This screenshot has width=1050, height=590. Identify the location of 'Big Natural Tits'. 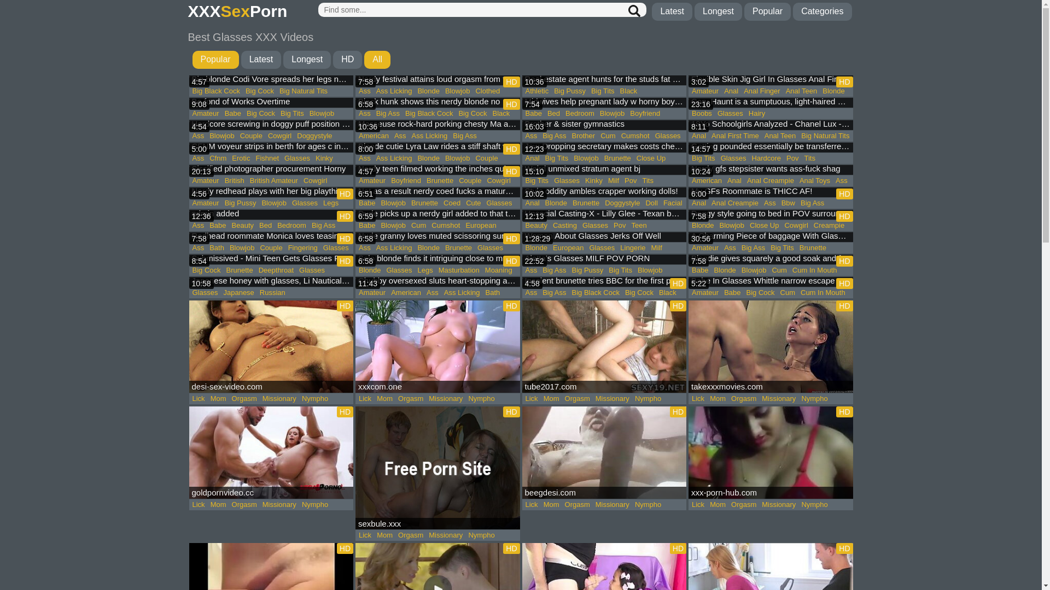
(304, 90).